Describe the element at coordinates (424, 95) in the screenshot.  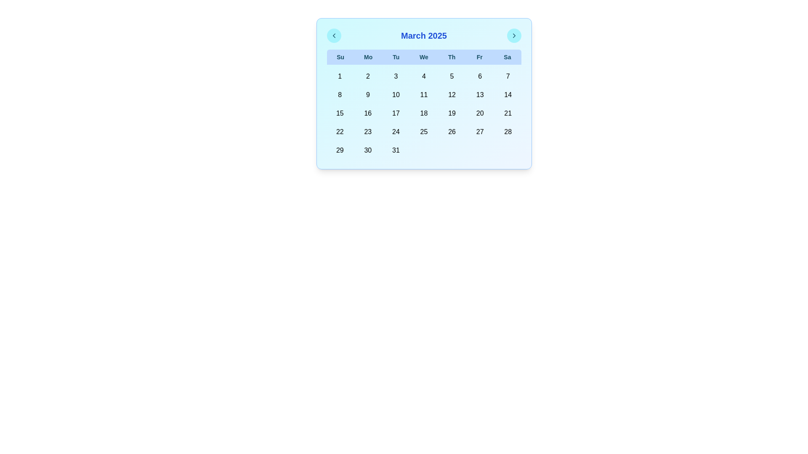
I see `the day selection button representing the date '11' in the calendar interface` at that location.